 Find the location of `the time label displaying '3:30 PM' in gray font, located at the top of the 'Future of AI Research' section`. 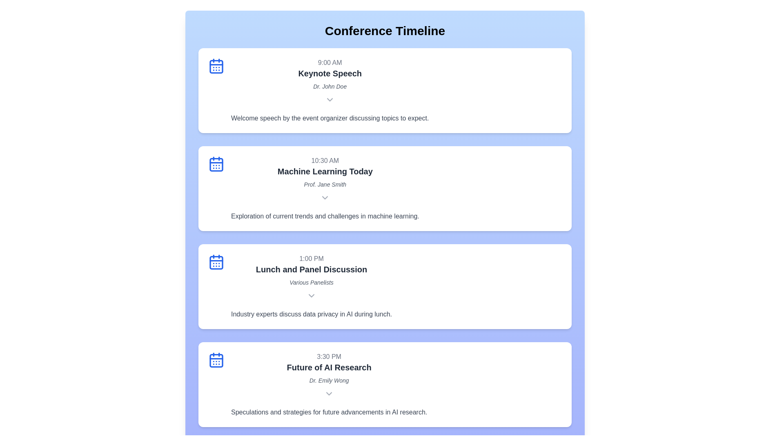

the time label displaying '3:30 PM' in gray font, located at the top of the 'Future of AI Research' section is located at coordinates (329, 356).